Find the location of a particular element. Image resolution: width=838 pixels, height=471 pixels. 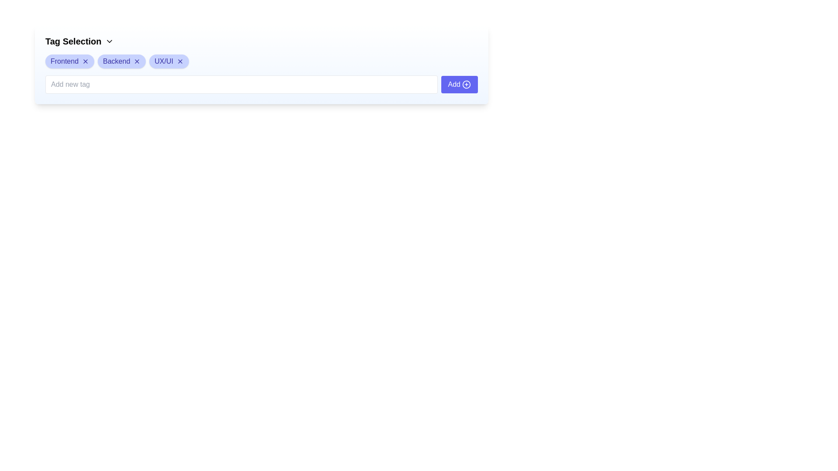

the third rounded rectangular tag with a light indigo background and darker indigo text displaying 'UX/UI', located in the 'Tag Selection' section is located at coordinates (169, 61).